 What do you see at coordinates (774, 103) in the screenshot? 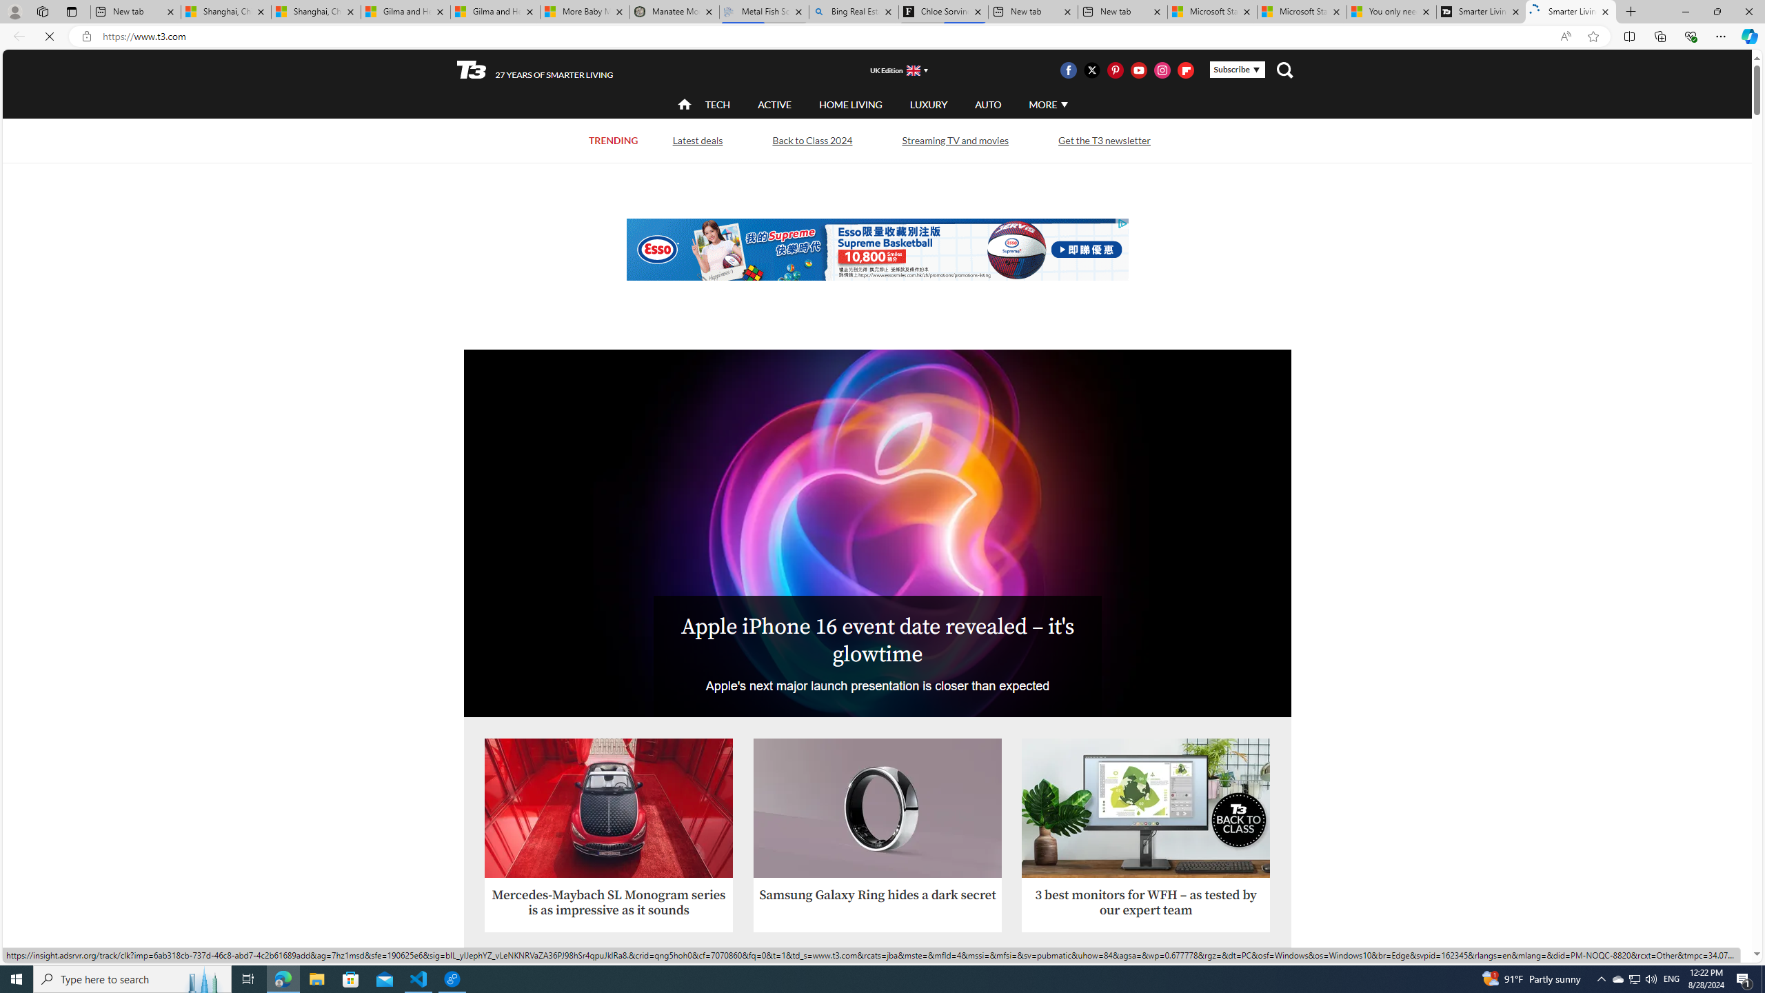
I see `'ACTIVE'` at bounding box center [774, 103].